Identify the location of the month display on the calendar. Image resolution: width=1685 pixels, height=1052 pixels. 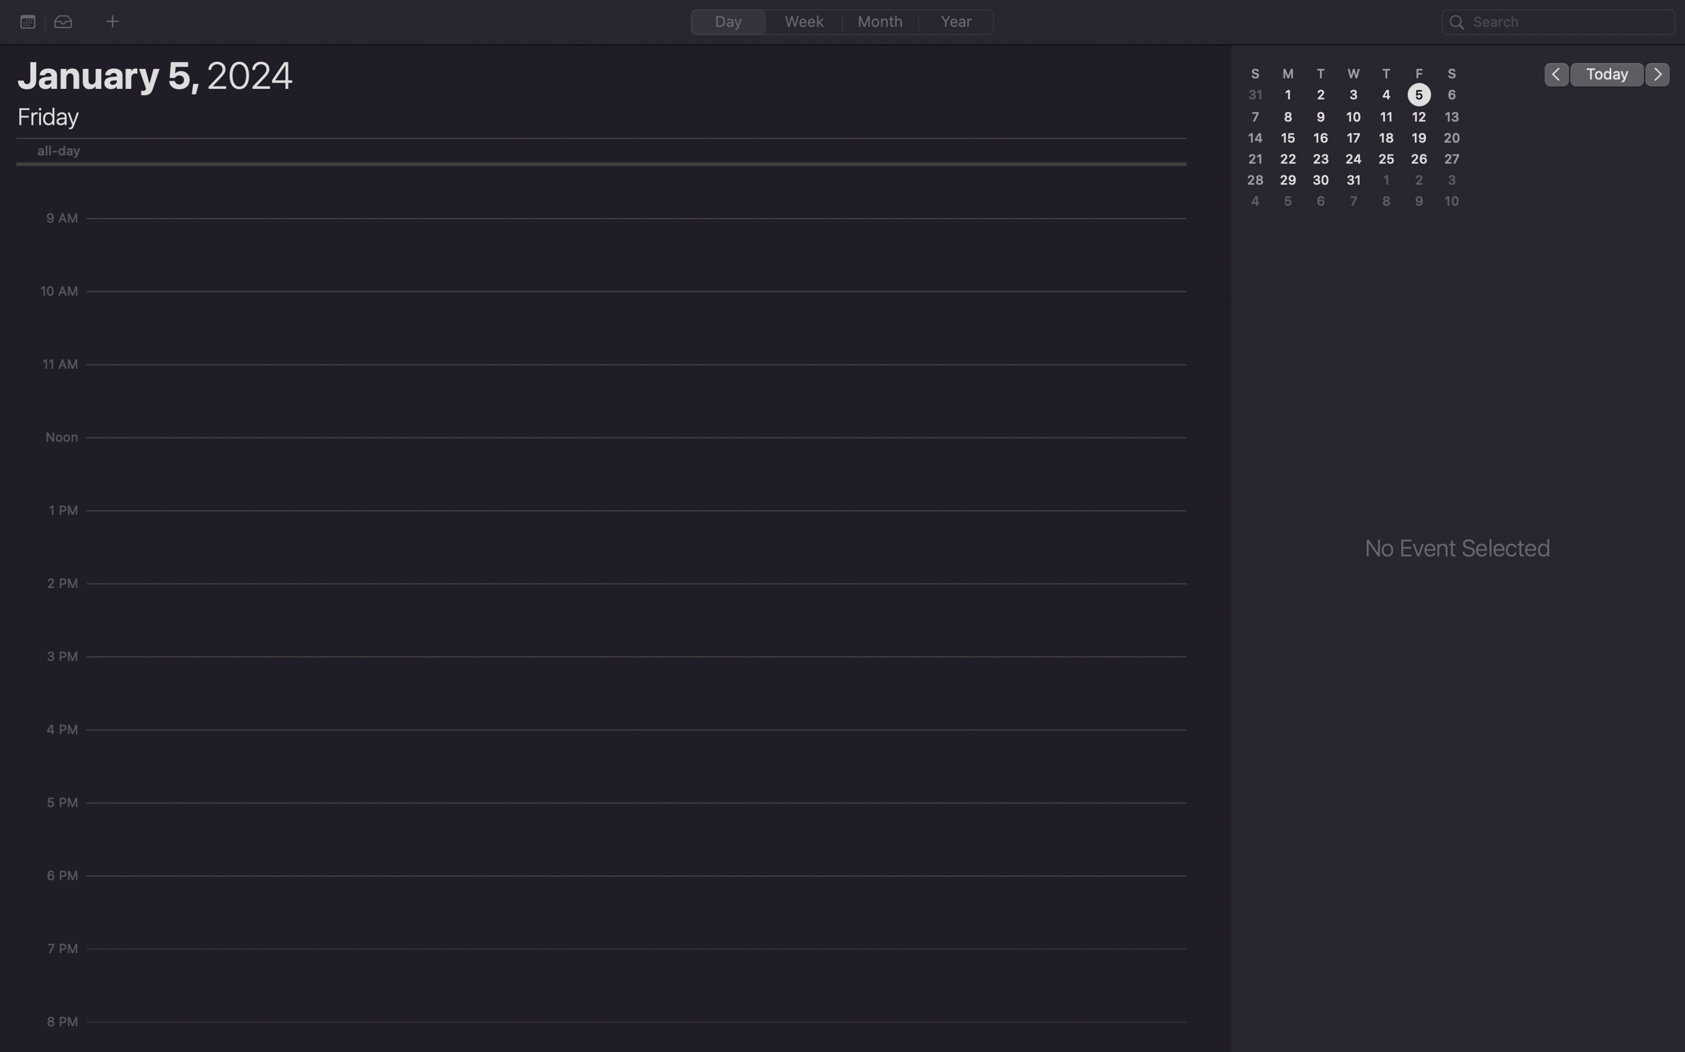
(881, 21).